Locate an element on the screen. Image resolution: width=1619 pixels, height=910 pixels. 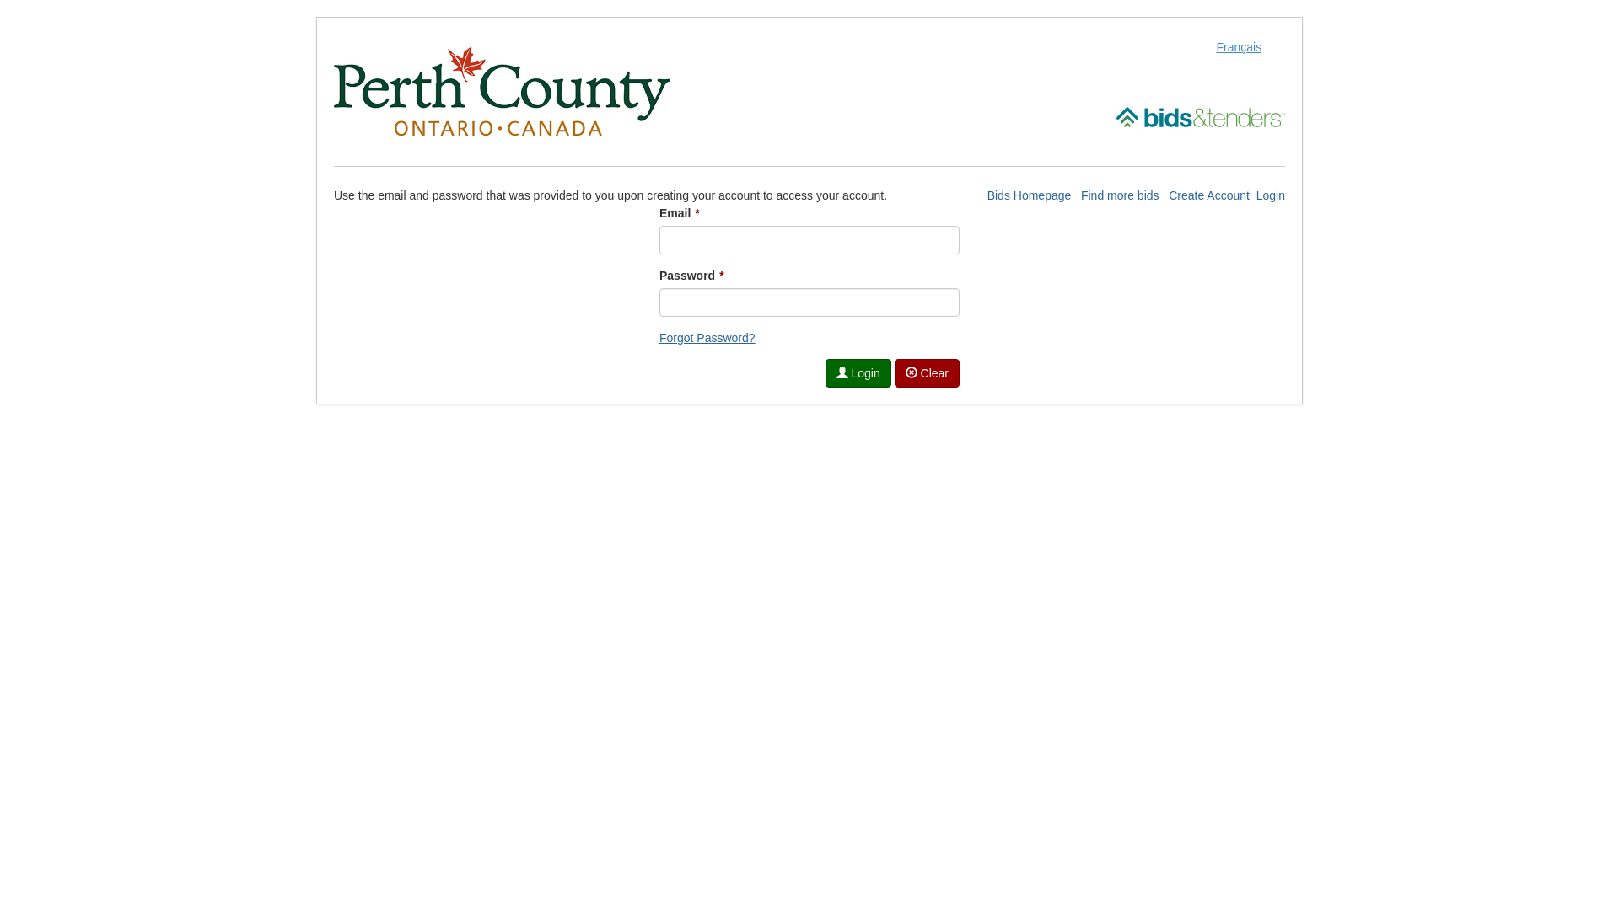
' Login' is located at coordinates (858, 372).